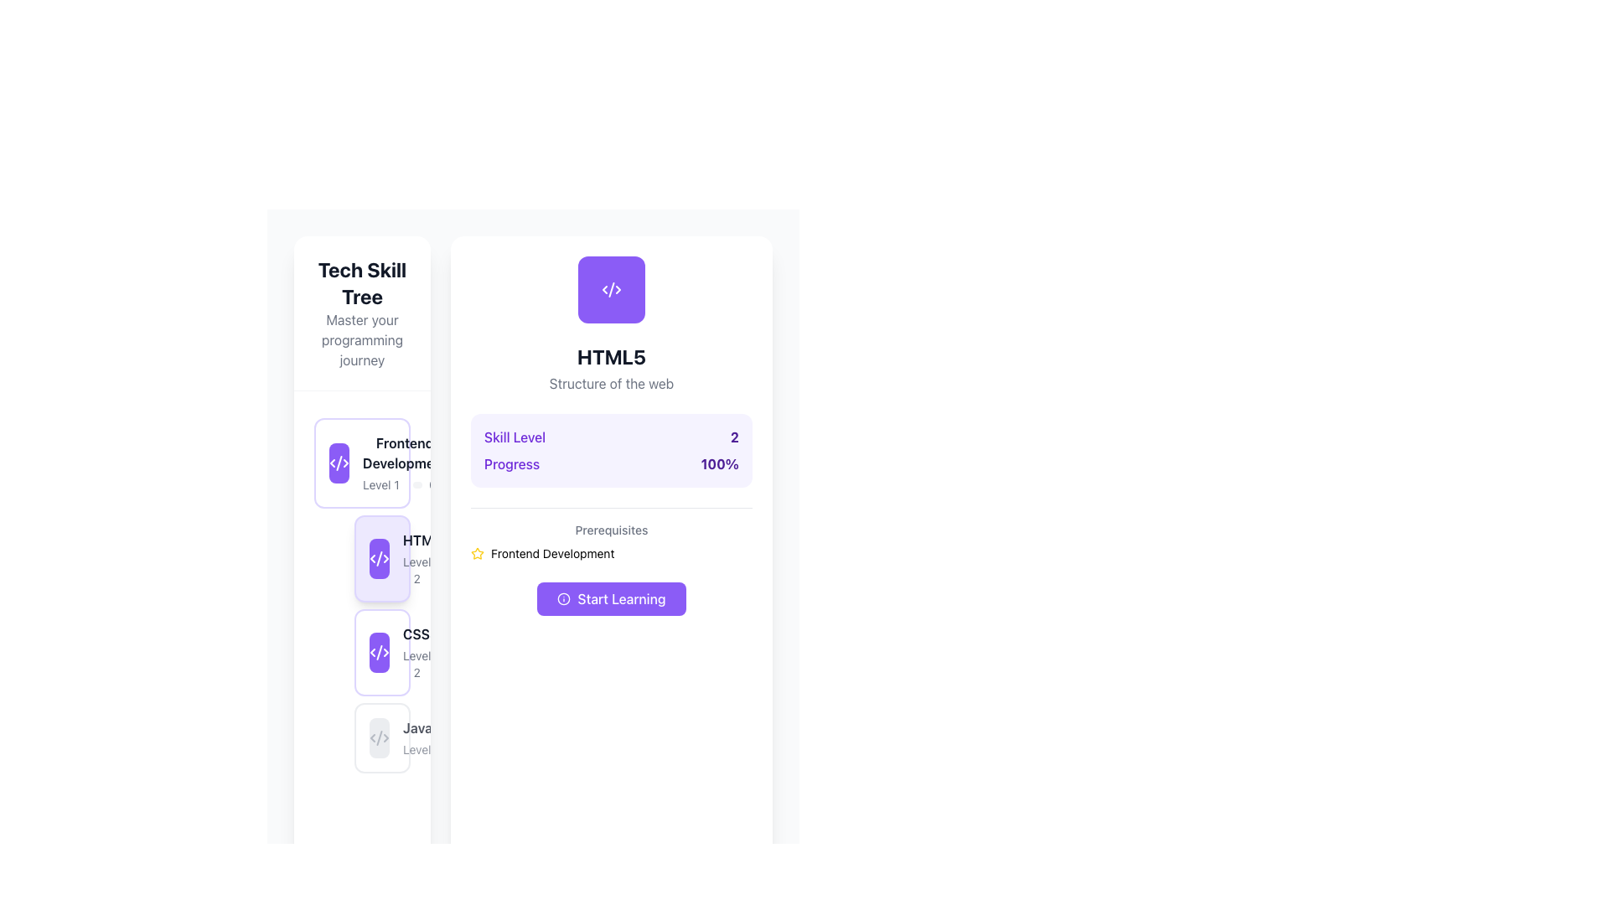 This screenshot has width=1609, height=905. What do you see at coordinates (361, 643) in the screenshot?
I see `the second card element in the Frontend Development section, which indicates CSS3 Level 2 with 80% progress` at bounding box center [361, 643].